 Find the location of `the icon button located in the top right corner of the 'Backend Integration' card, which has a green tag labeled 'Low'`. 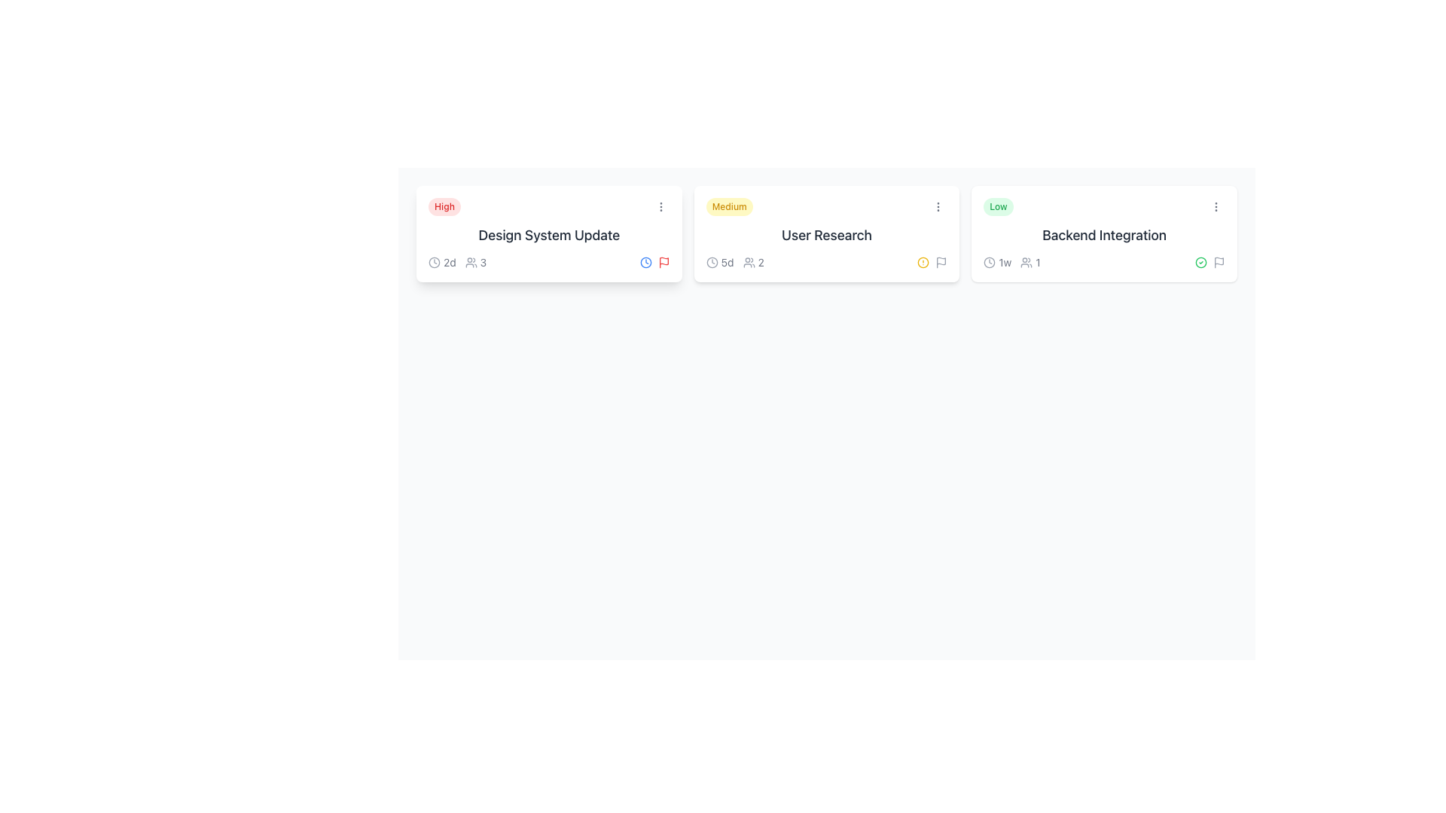

the icon button located in the top right corner of the 'Backend Integration' card, which has a green tag labeled 'Low' is located at coordinates (1216, 206).